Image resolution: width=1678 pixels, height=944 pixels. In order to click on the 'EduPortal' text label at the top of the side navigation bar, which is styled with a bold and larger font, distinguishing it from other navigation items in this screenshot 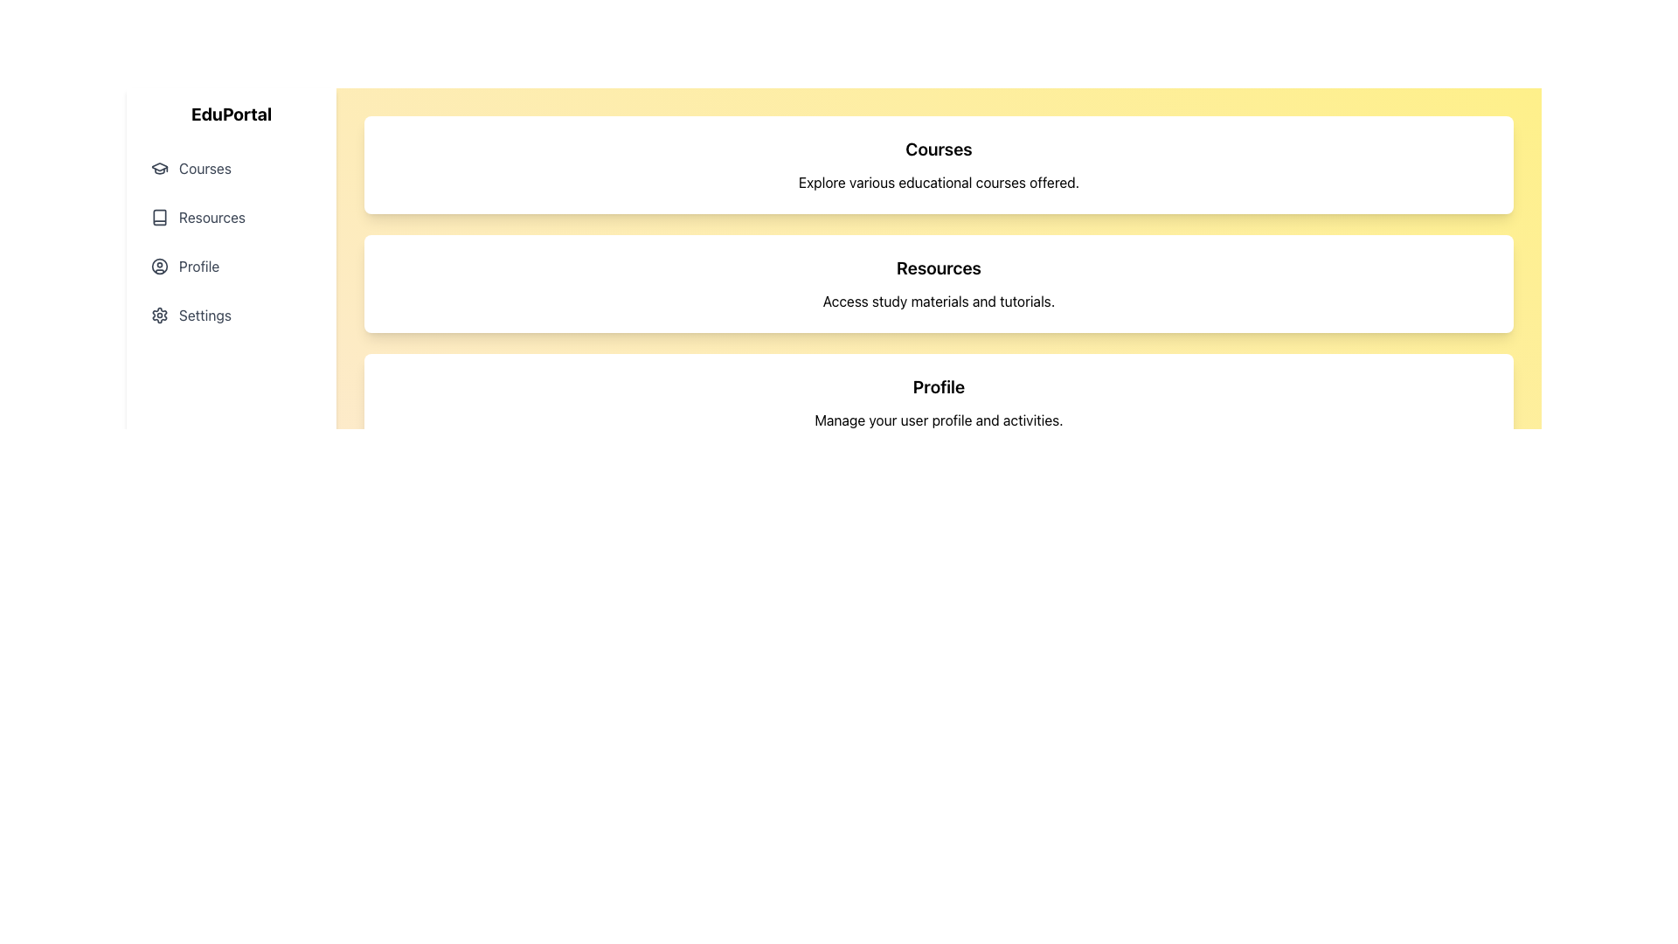, I will do `click(230, 115)`.